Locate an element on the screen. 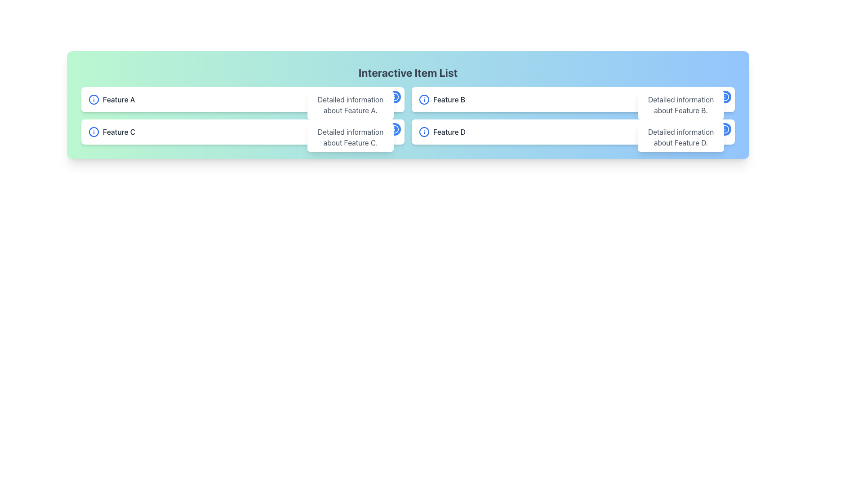  the SVG graphical element (circle) that represents an 'information' indicator aligned with the text 'Feature C' is located at coordinates (94, 132).